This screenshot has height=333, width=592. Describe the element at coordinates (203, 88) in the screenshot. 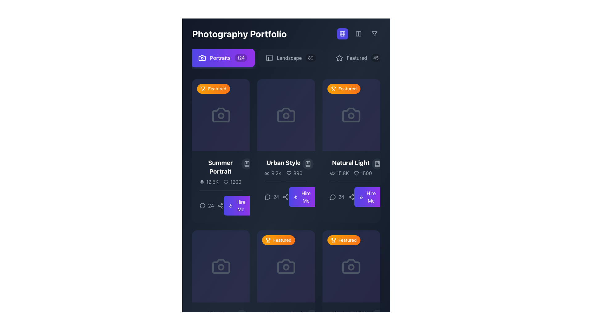

I see `the trophy vector graphic icon that visually emphasizes the 'Featured' label in the top-left corner of the first content card` at that location.